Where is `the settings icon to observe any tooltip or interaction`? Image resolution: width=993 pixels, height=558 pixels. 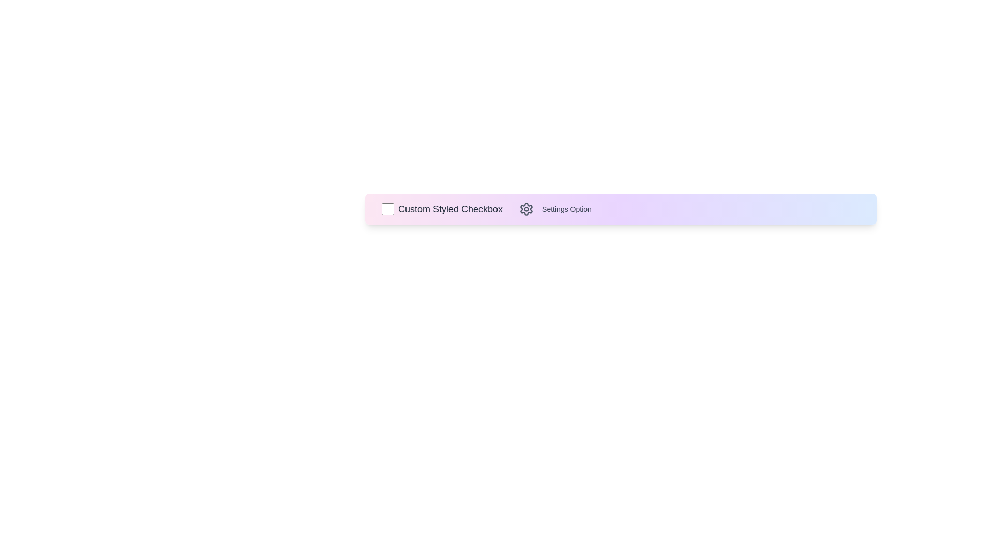
the settings icon to observe any tooltip or interaction is located at coordinates (526, 209).